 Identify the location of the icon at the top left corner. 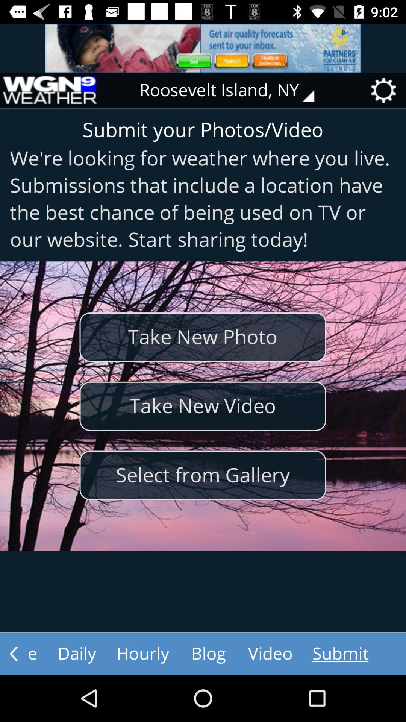
(49, 90).